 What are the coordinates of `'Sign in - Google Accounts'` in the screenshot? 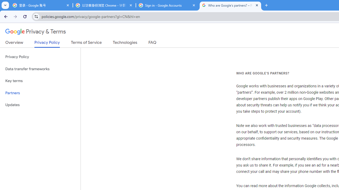 It's located at (167, 5).